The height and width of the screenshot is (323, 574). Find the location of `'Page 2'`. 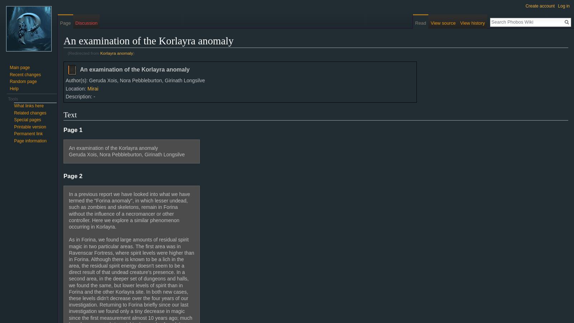

'Page 2' is located at coordinates (73, 175).